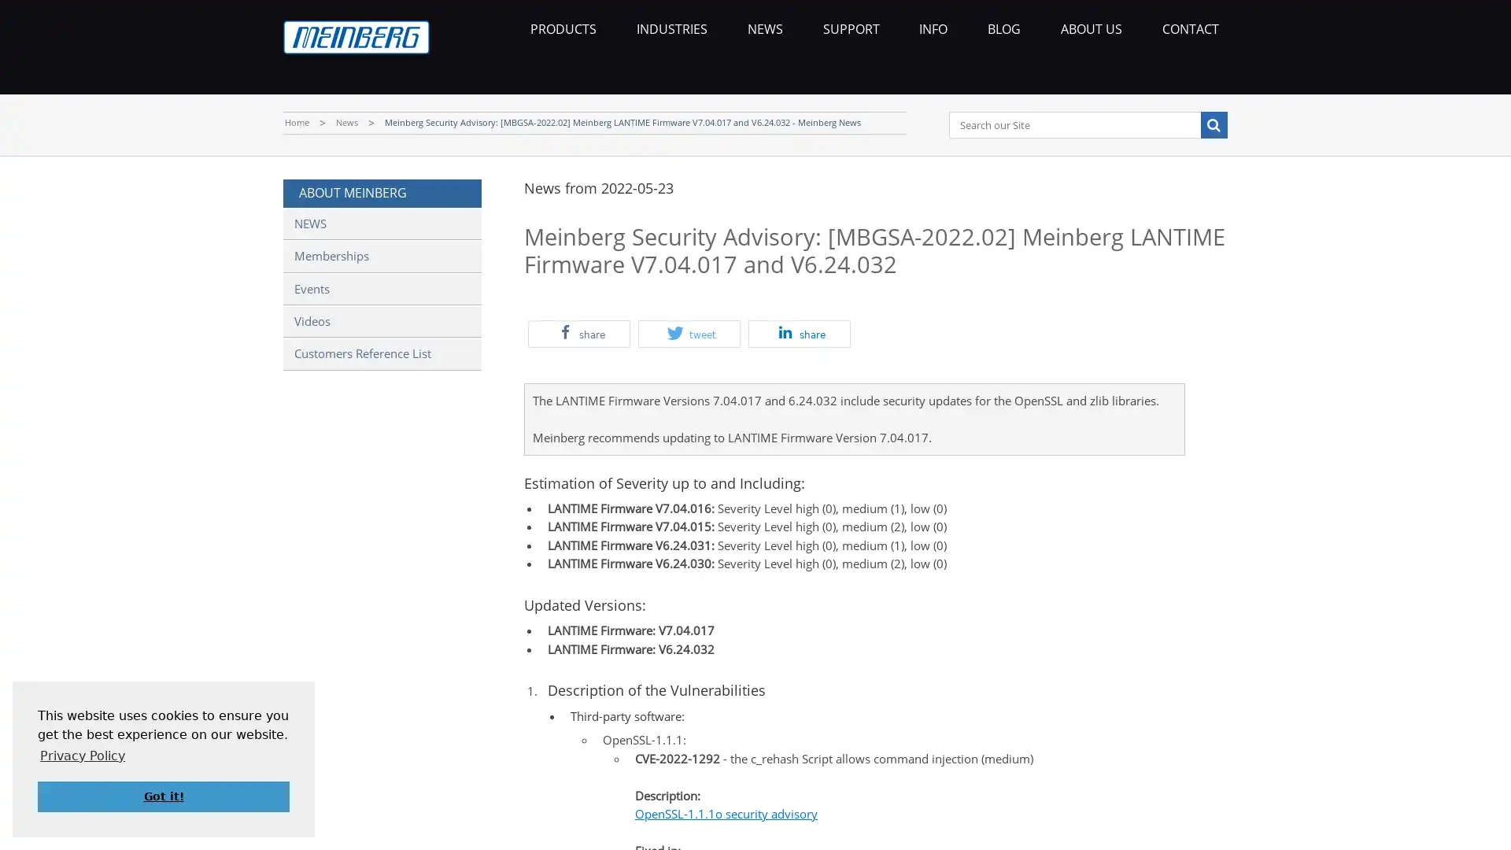  I want to click on dismiss cookie message, so click(163, 796).